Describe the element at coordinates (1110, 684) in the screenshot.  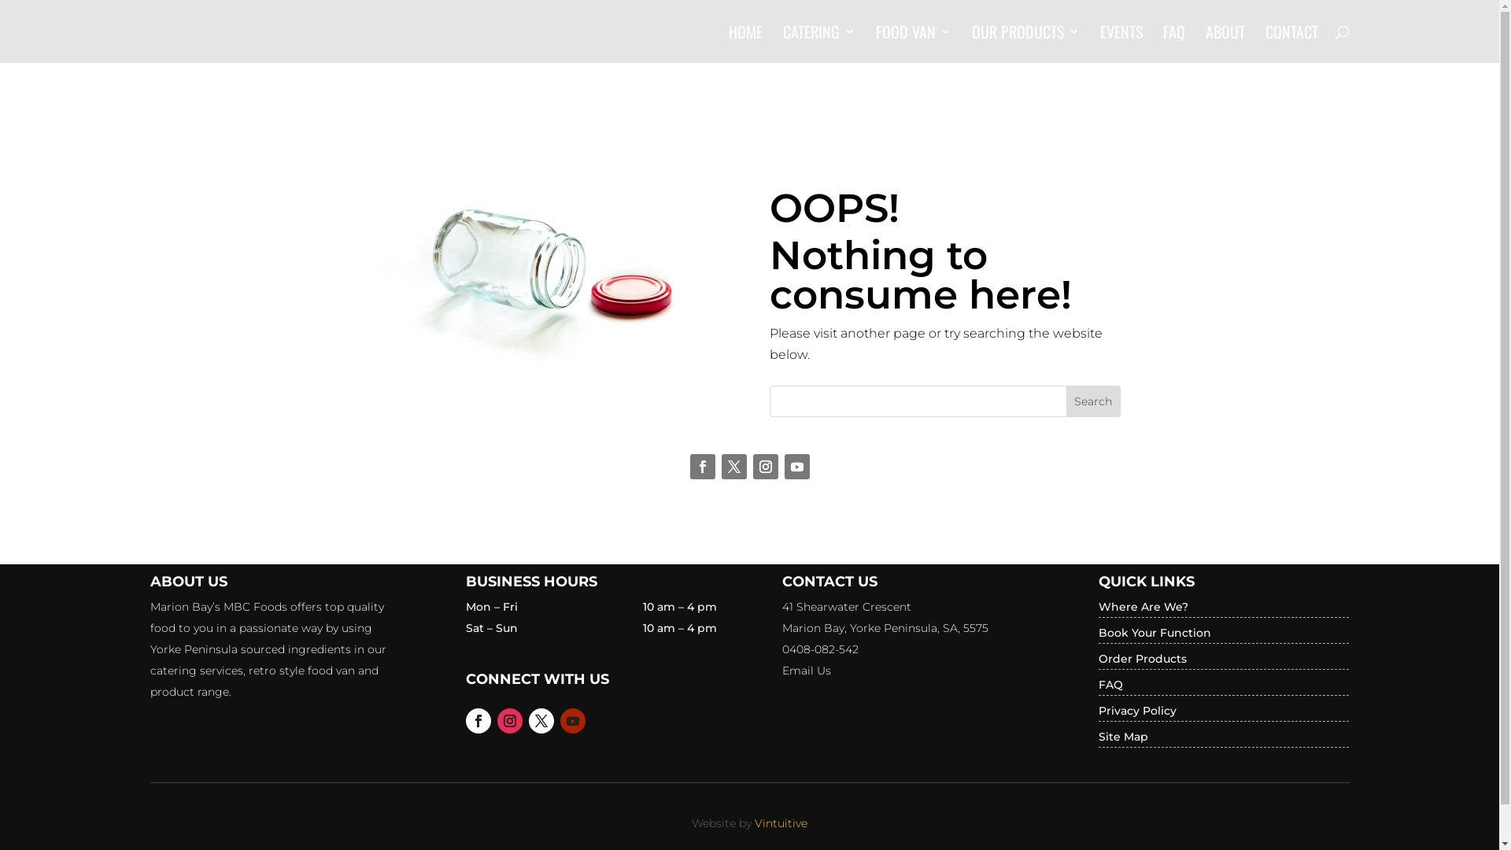
I see `'FAQ'` at that location.